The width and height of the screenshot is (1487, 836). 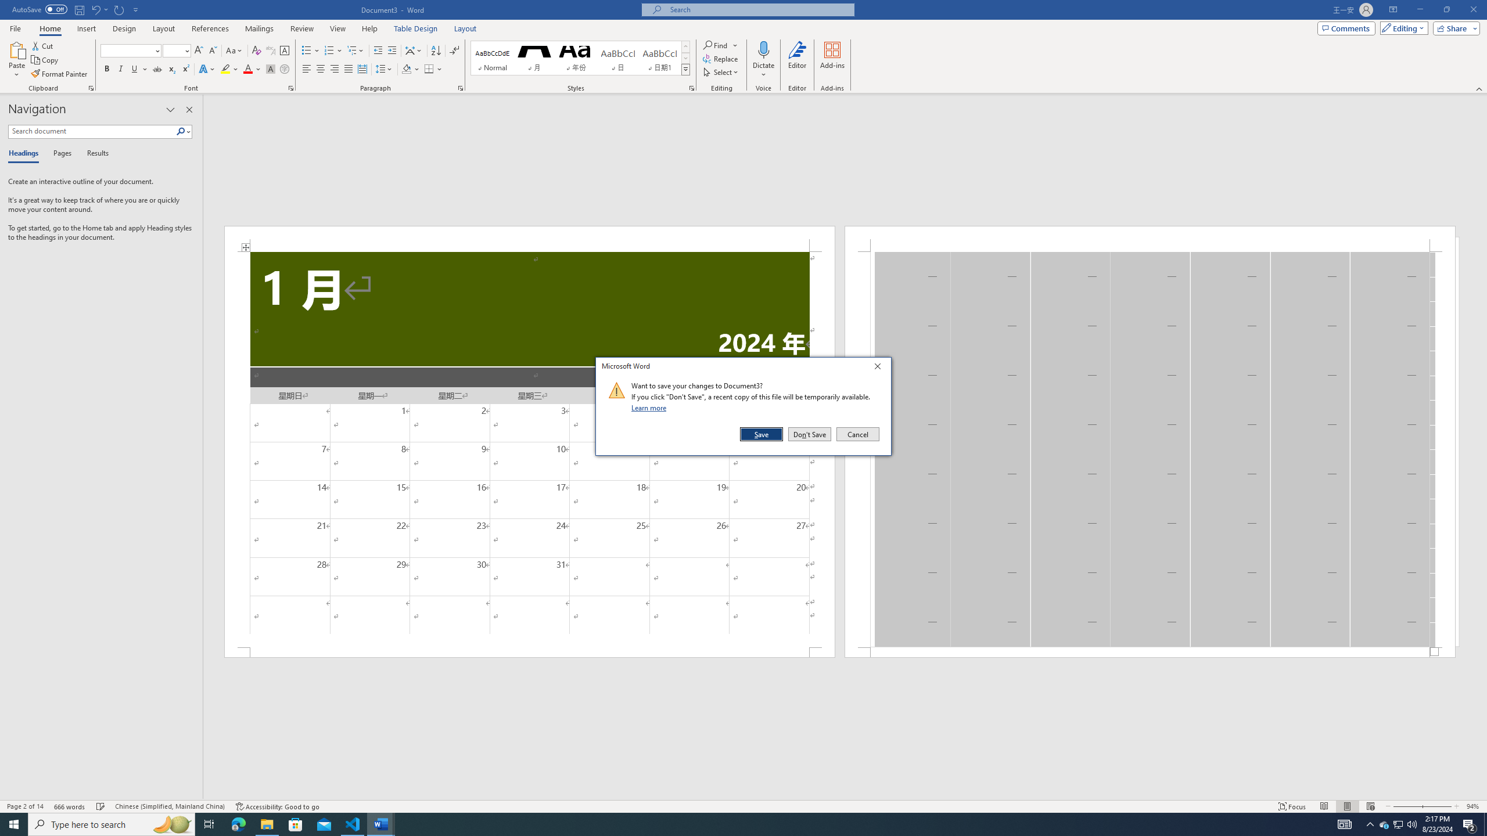 I want to click on 'Microsoft search', so click(x=757, y=9).